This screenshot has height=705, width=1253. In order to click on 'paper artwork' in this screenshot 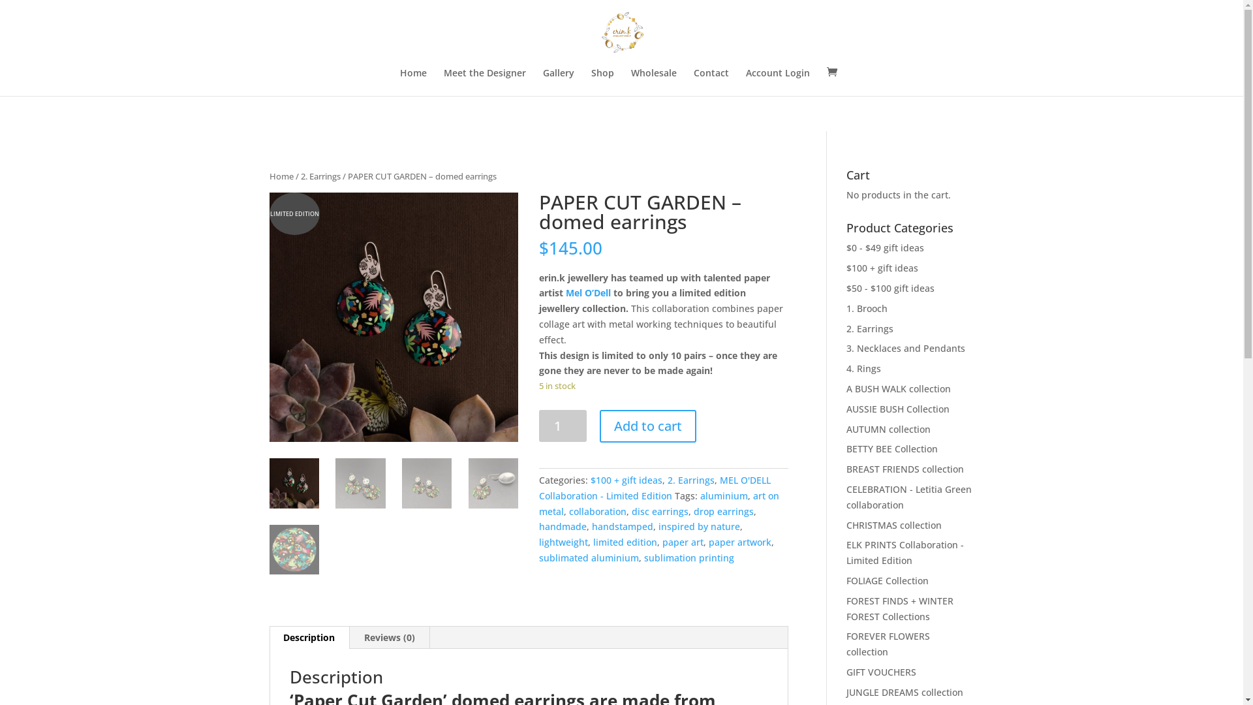, I will do `click(707, 542)`.